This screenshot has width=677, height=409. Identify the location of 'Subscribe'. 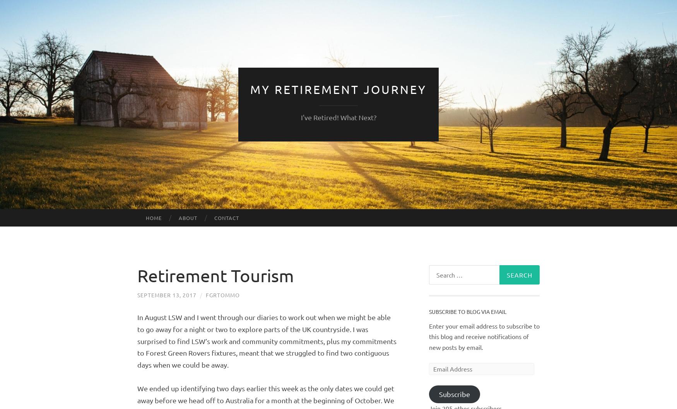
(454, 394).